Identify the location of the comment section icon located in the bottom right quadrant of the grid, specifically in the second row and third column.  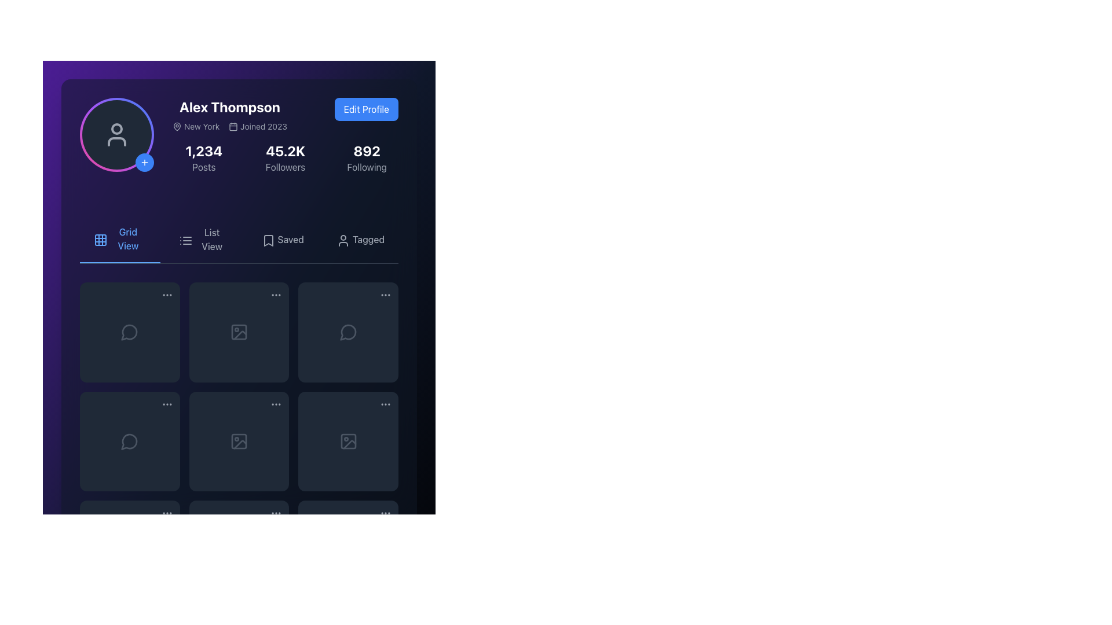
(348, 332).